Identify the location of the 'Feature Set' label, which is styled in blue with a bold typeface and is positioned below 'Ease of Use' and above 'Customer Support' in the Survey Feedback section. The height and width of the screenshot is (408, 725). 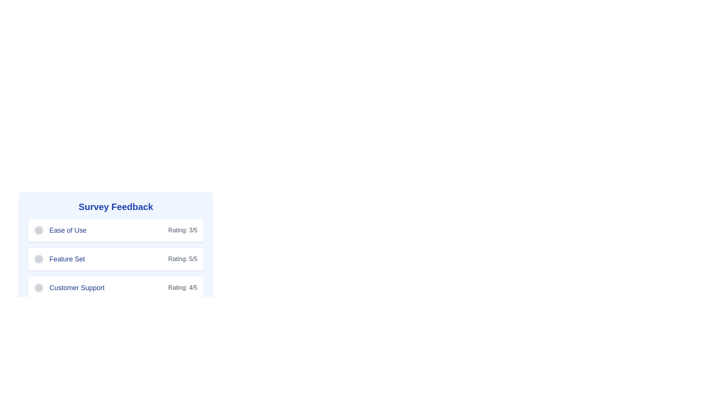
(67, 259).